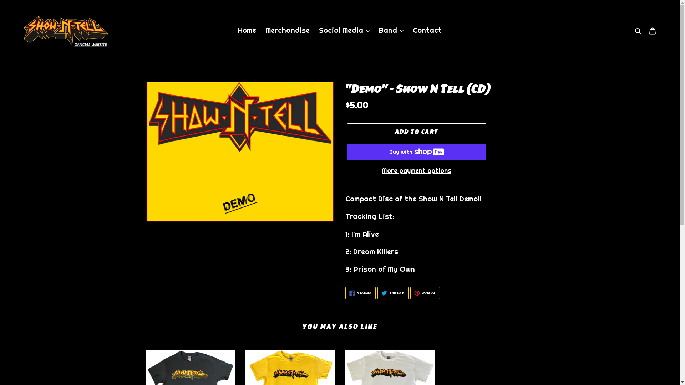 The width and height of the screenshot is (685, 385). I want to click on 'PIN IT, so click(425, 293).